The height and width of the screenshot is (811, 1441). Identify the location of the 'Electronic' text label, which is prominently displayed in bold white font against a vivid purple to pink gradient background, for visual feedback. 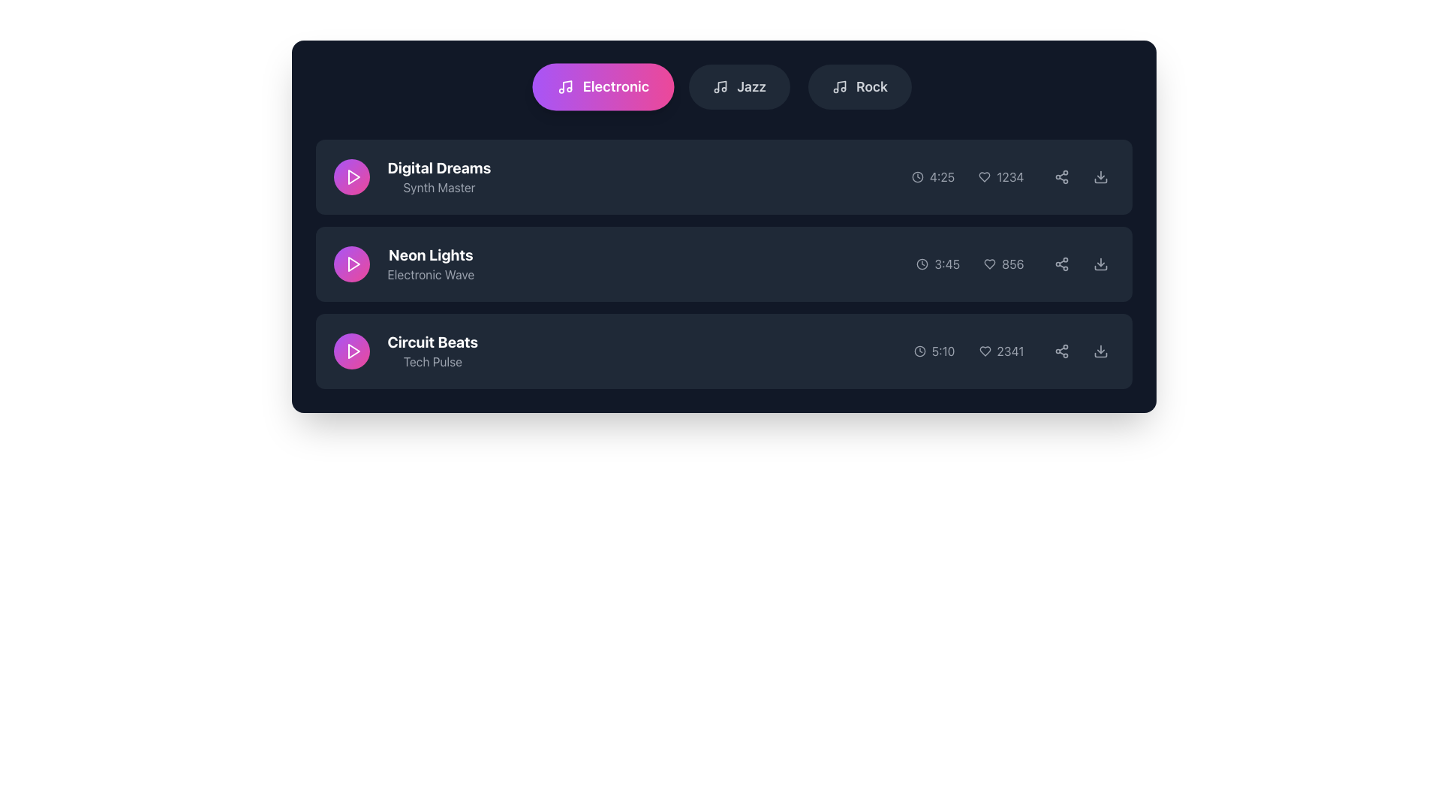
(615, 86).